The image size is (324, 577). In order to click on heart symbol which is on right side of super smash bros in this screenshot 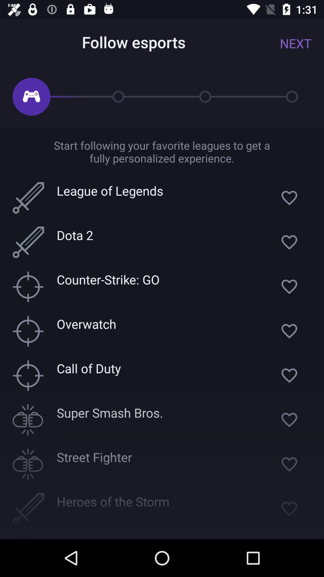, I will do `click(289, 420)`.